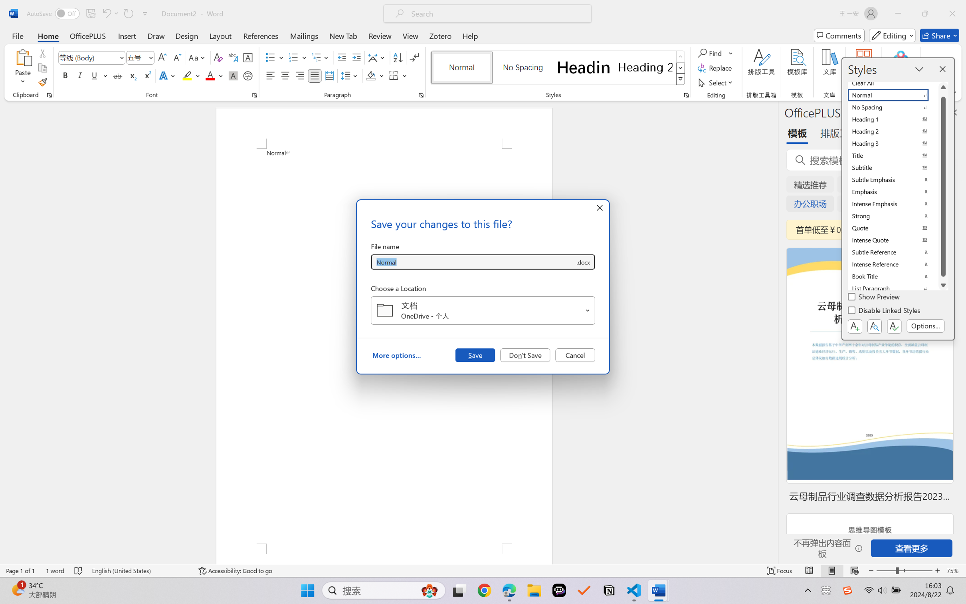  Describe the element at coordinates (874, 298) in the screenshot. I see `'Show Preview'` at that location.